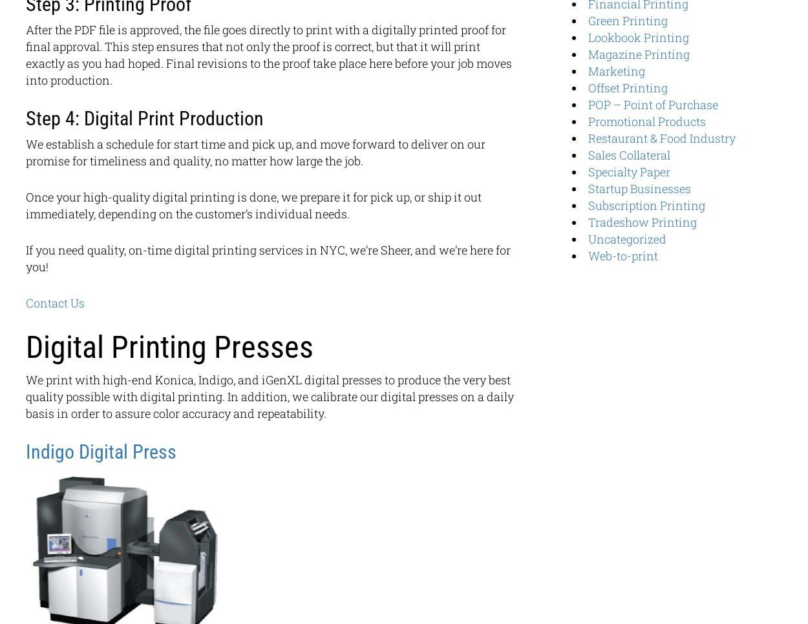 This screenshot has height=624, width=808. What do you see at coordinates (26, 347) in the screenshot?
I see `'Digital Printing Presses'` at bounding box center [26, 347].